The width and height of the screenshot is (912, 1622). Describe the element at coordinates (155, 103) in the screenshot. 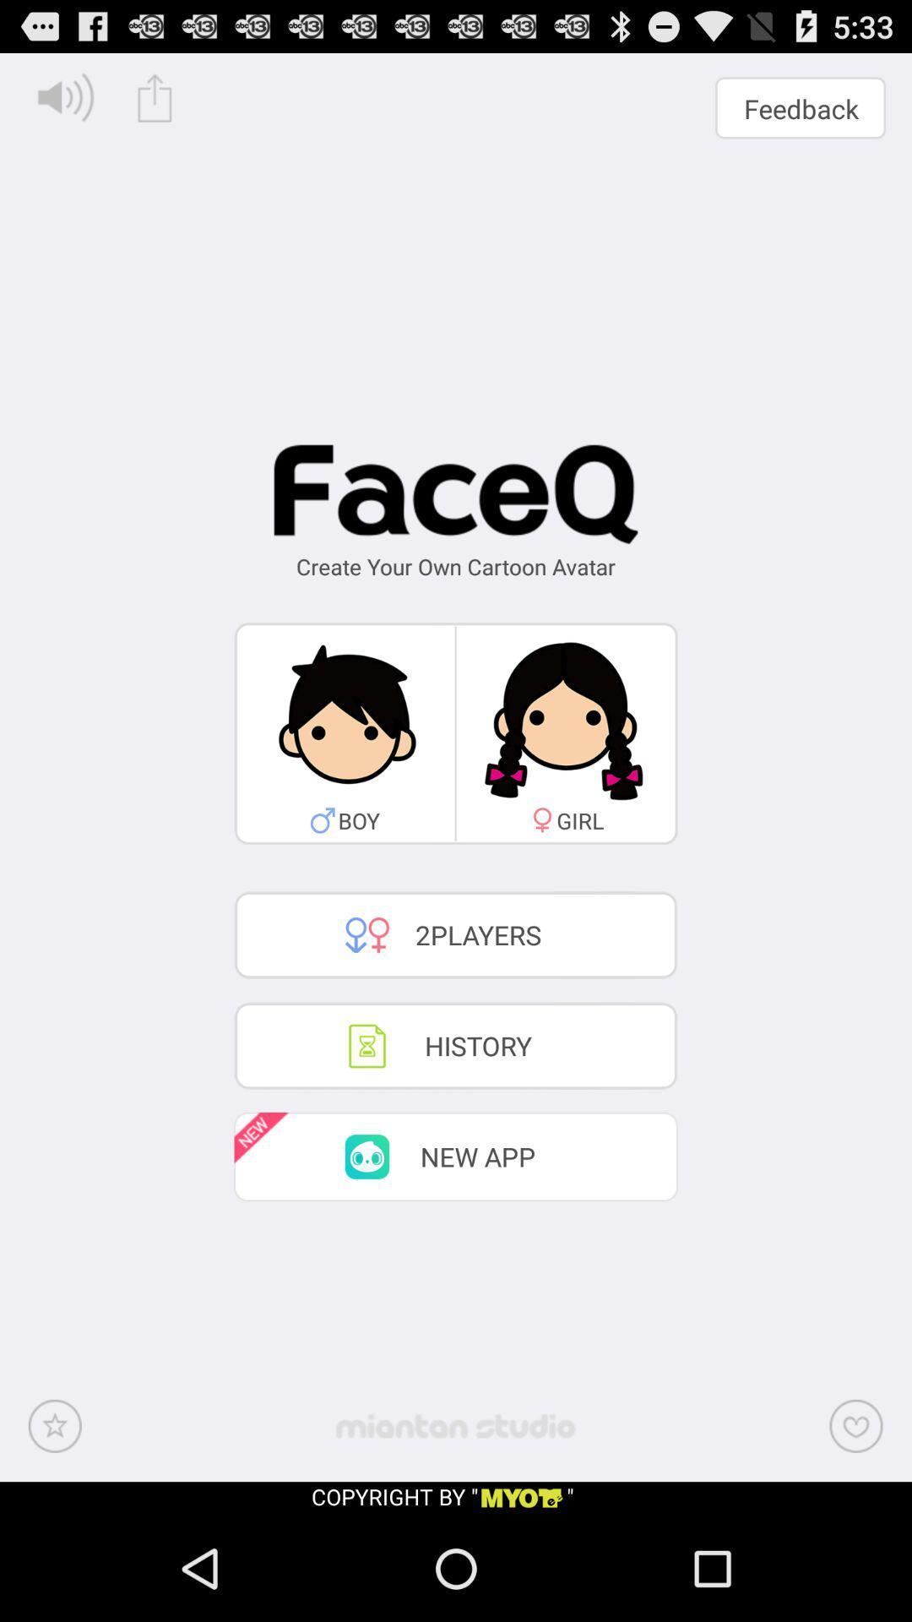

I see `the launch icon` at that location.